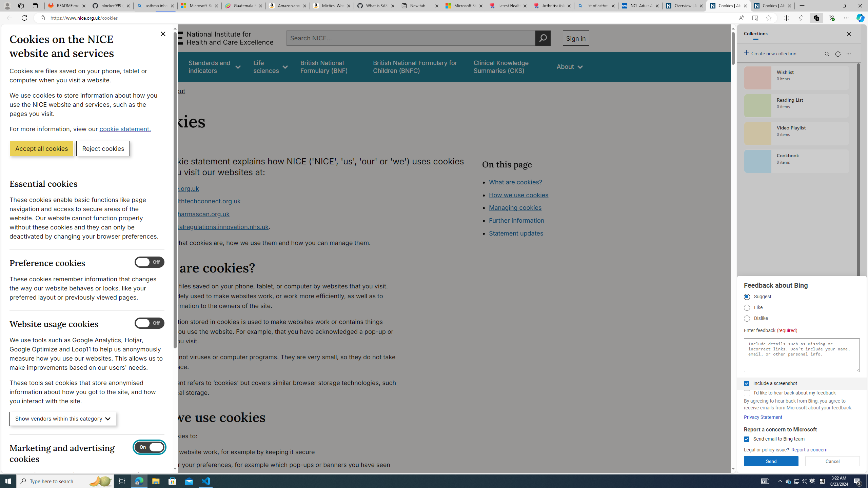 The width and height of the screenshot is (868, 488). Describe the element at coordinates (149, 447) in the screenshot. I see `'Marketing and advertising cookies'` at that location.